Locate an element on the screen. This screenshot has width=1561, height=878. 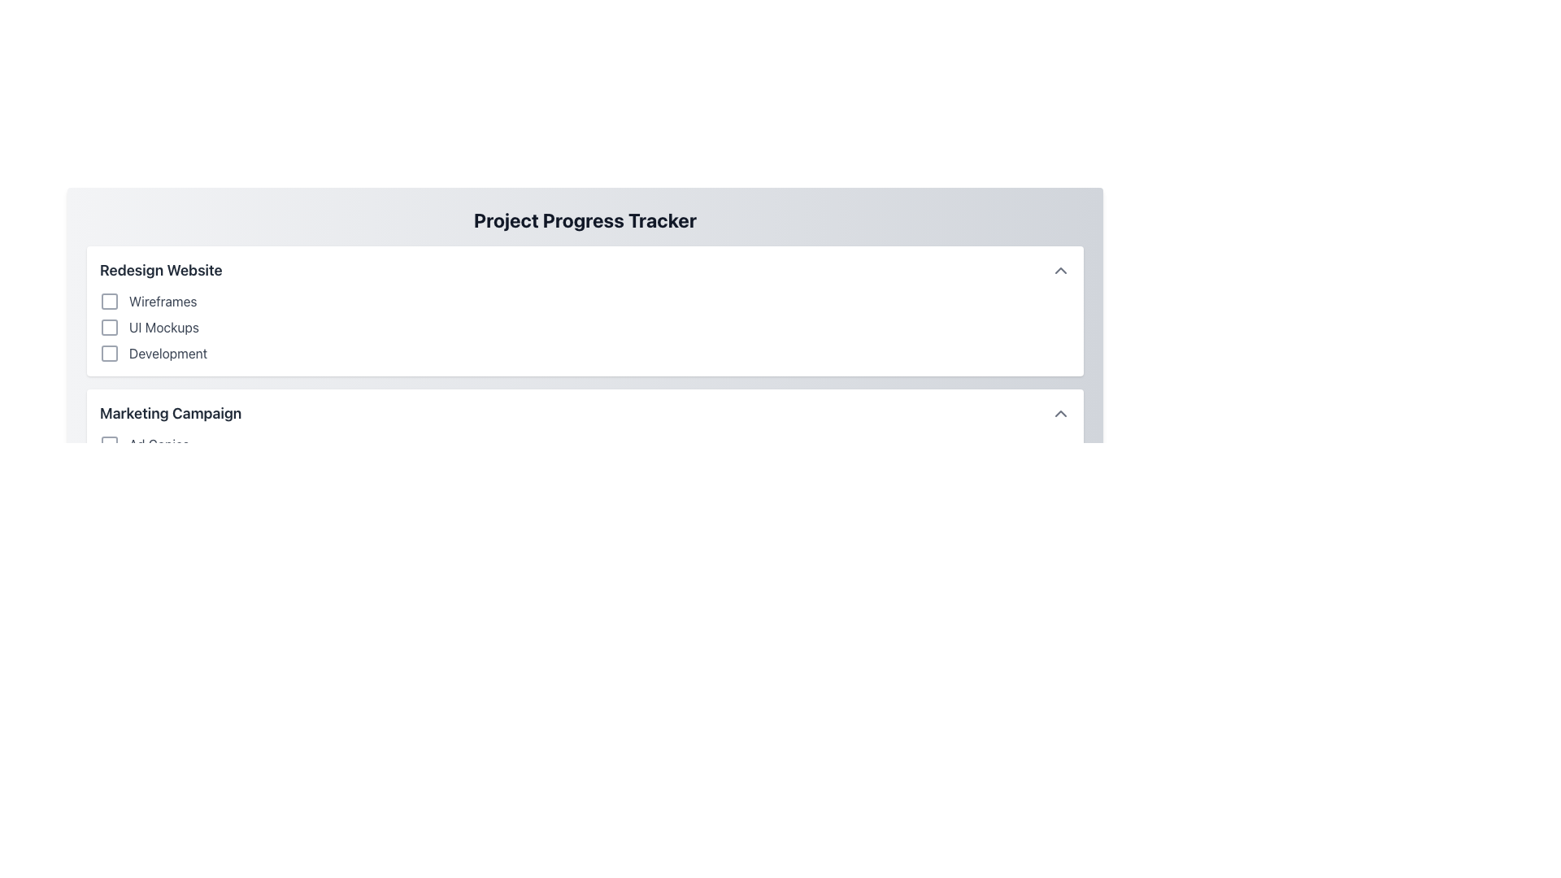
the small, square-shaped icon with rounded corners located next to the text 'Wireframes' in the 'Redesign Website' section is located at coordinates (108, 301).